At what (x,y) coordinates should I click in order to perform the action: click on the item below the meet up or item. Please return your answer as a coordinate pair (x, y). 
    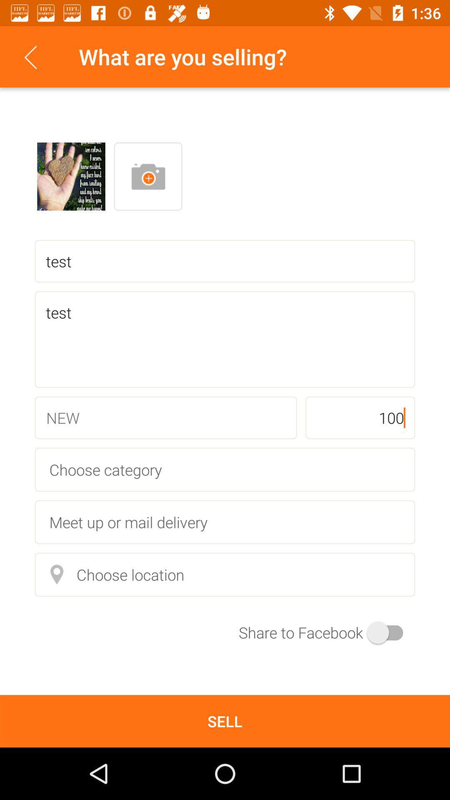
    Looking at the image, I should click on (225, 574).